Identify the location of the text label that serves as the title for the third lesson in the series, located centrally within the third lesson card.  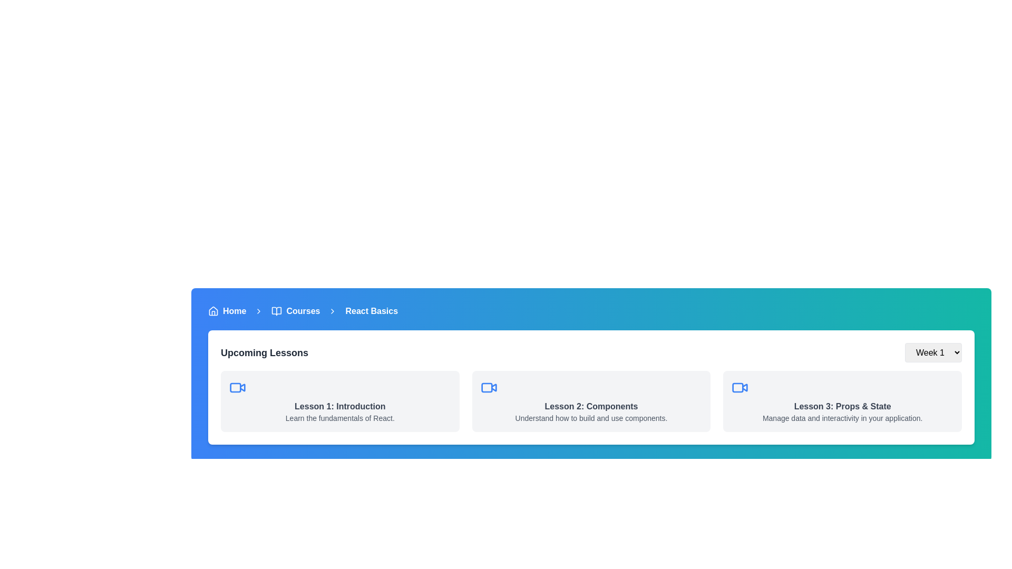
(842, 406).